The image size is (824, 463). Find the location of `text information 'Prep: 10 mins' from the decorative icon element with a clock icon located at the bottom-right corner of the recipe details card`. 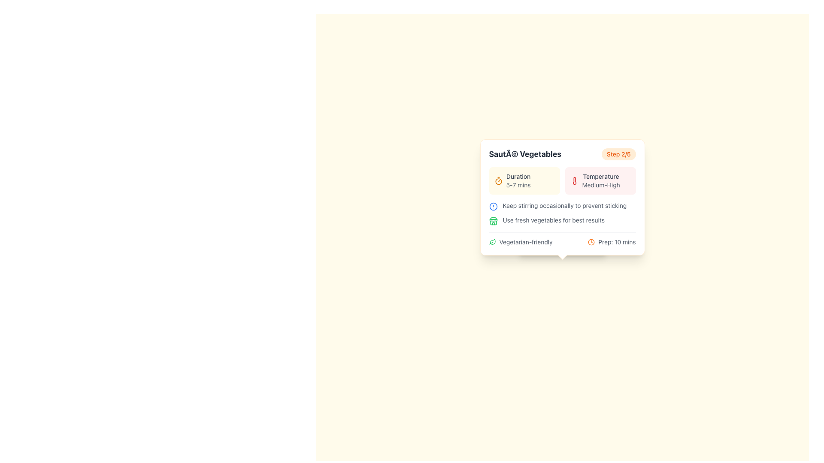

text information 'Prep: 10 mins' from the decorative icon element with a clock icon located at the bottom-right corner of the recipe details card is located at coordinates (611, 242).